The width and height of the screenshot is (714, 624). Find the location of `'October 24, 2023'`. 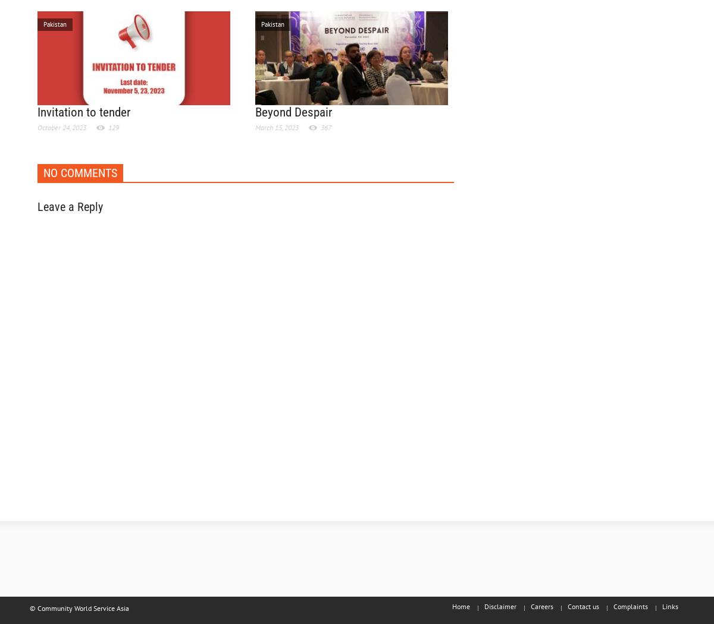

'October 24, 2023' is located at coordinates (62, 127).